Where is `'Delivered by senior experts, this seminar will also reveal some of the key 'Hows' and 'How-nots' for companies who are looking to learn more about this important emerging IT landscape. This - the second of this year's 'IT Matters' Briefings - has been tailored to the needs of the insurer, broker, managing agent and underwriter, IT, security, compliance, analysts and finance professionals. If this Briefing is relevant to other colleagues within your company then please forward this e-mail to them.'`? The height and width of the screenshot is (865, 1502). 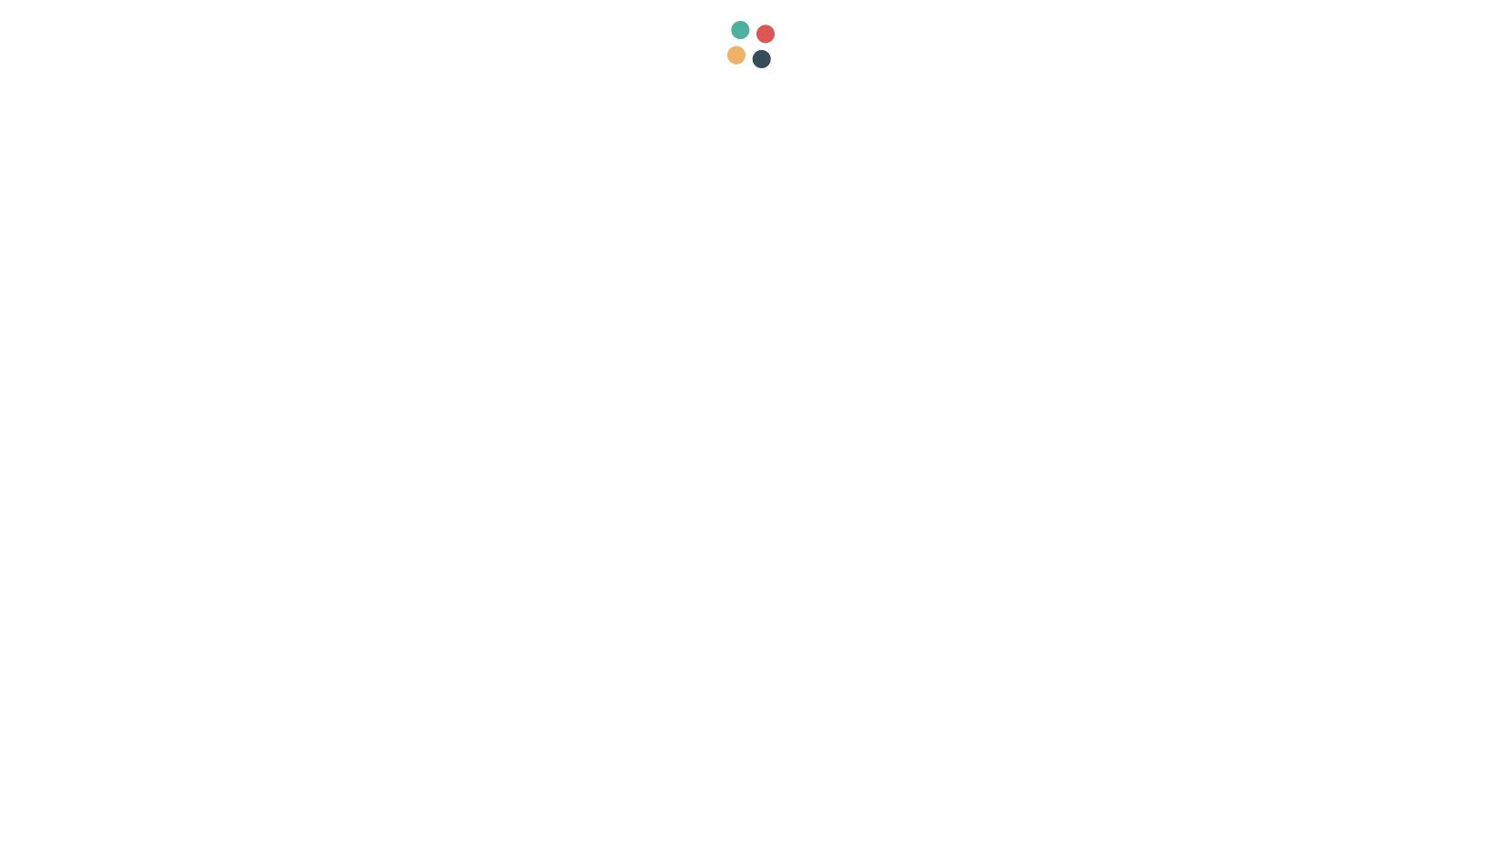
'Delivered by senior experts, this seminar will also reveal some of the key 'Hows' and 'How-nots' for companies who are looking to learn more about this important emerging IT landscape. This - the second of this year's 'IT Matters' Briefings - has been tailored to the needs of the insurer, broker, managing agent and underwriter, IT, security, compliance, analysts and finance professionals. If this Briefing is relevant to other colleagues within your company then please forward this e-mail to them.' is located at coordinates (524, 486).